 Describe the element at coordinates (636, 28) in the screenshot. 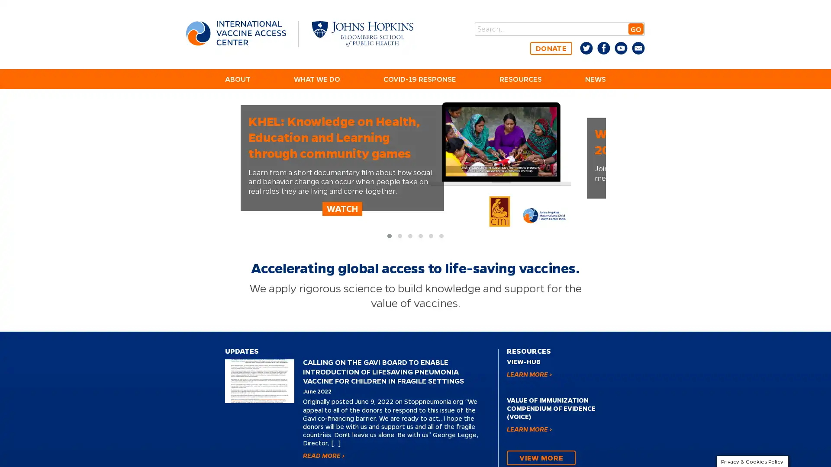

I see `GO` at that location.